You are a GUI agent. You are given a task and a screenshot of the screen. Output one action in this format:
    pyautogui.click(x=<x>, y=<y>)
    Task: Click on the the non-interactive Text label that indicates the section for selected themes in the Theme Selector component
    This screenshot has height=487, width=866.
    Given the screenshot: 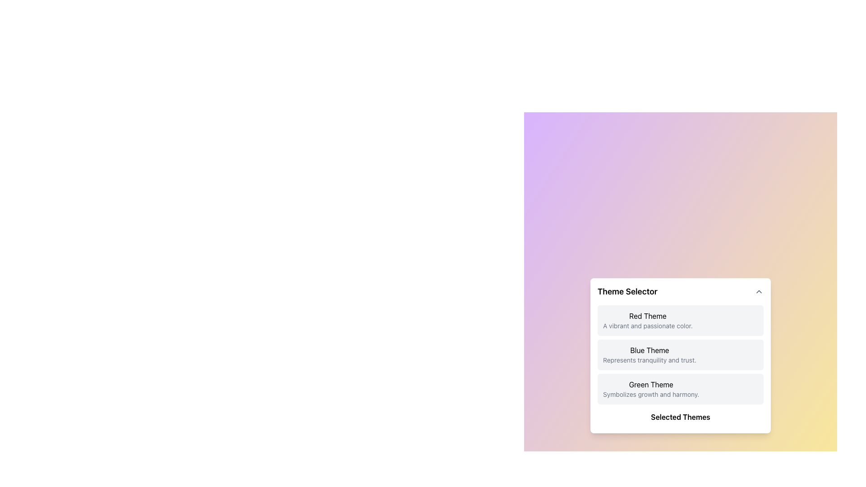 What is the action you would take?
    pyautogui.click(x=680, y=417)
    